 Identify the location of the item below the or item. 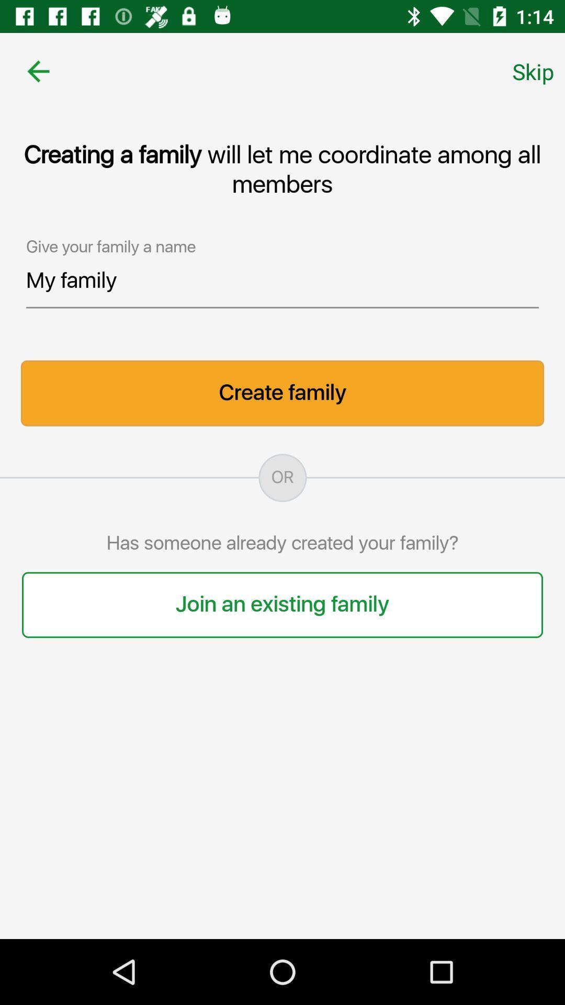
(282, 544).